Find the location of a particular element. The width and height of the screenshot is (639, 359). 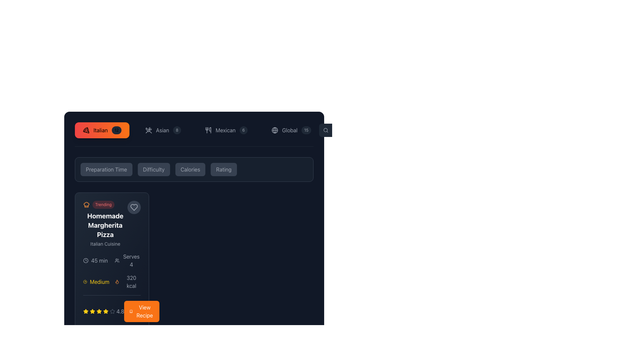

the calorie information text label with an adjacent icon located at the bottom-right area of the recipe card component is located at coordinates (127, 282).